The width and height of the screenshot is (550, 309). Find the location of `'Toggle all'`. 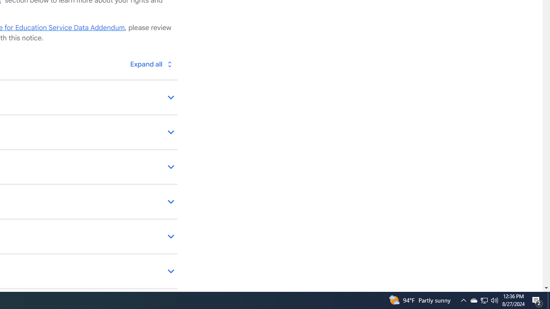

'Toggle all' is located at coordinates (151, 64).